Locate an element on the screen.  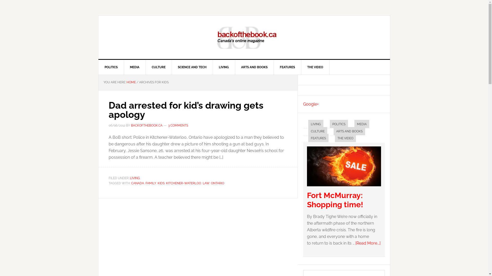
'MEDIA' is located at coordinates (123, 67).